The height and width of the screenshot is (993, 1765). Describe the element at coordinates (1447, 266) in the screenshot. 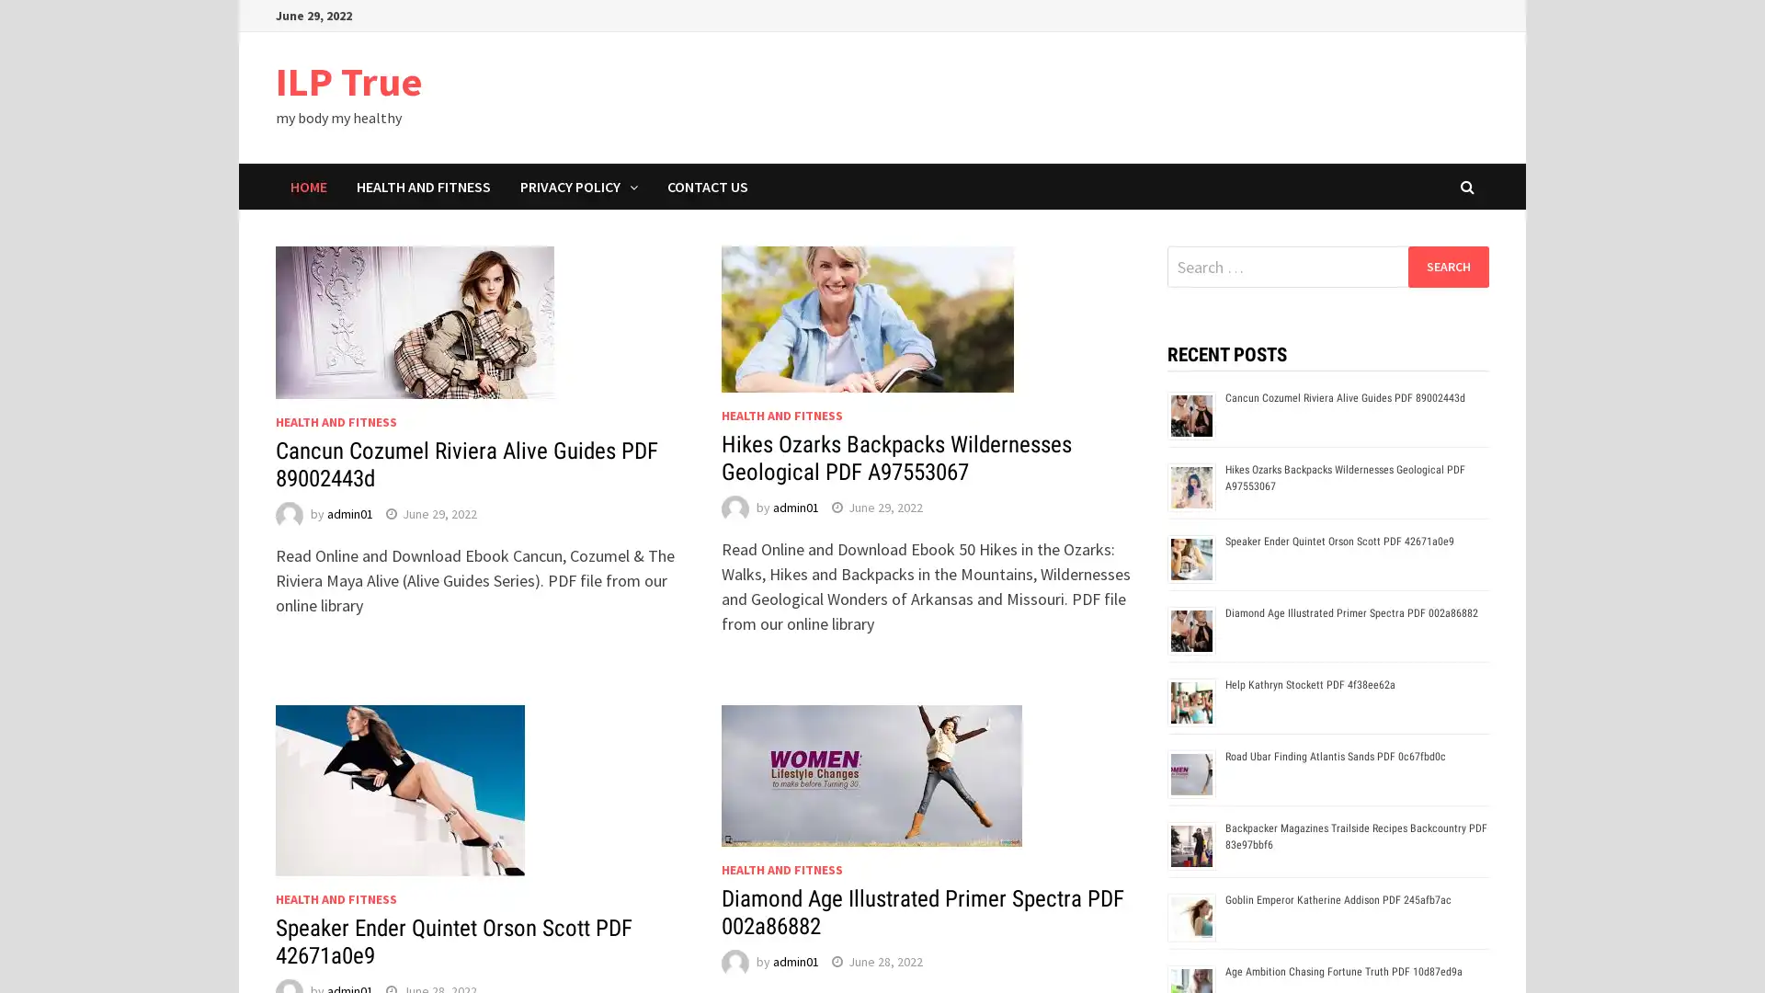

I see `Search` at that location.